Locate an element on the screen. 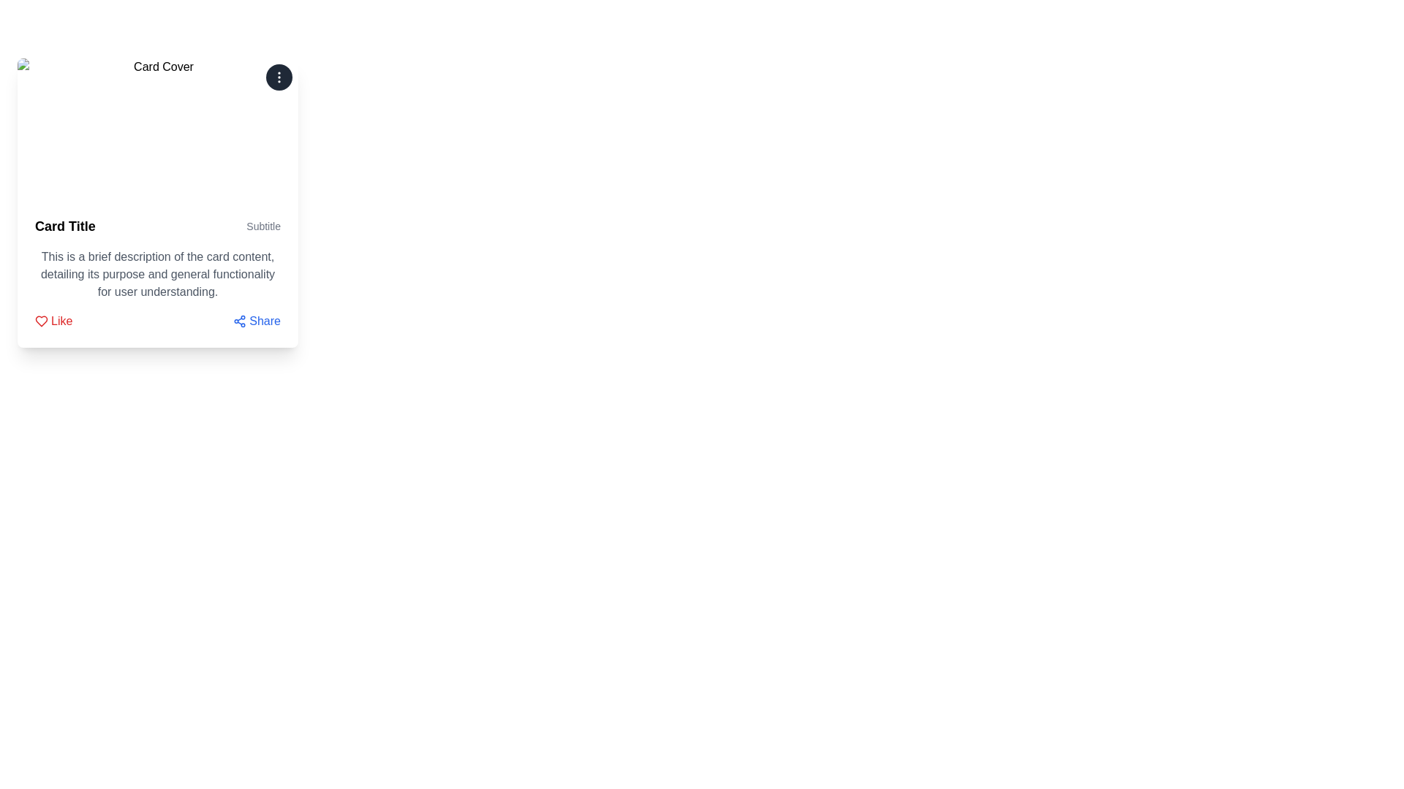 Image resolution: width=1404 pixels, height=789 pixels. the share button, which is the second button in the horizontal arrangement following the 'Like' button is located at coordinates (257, 320).